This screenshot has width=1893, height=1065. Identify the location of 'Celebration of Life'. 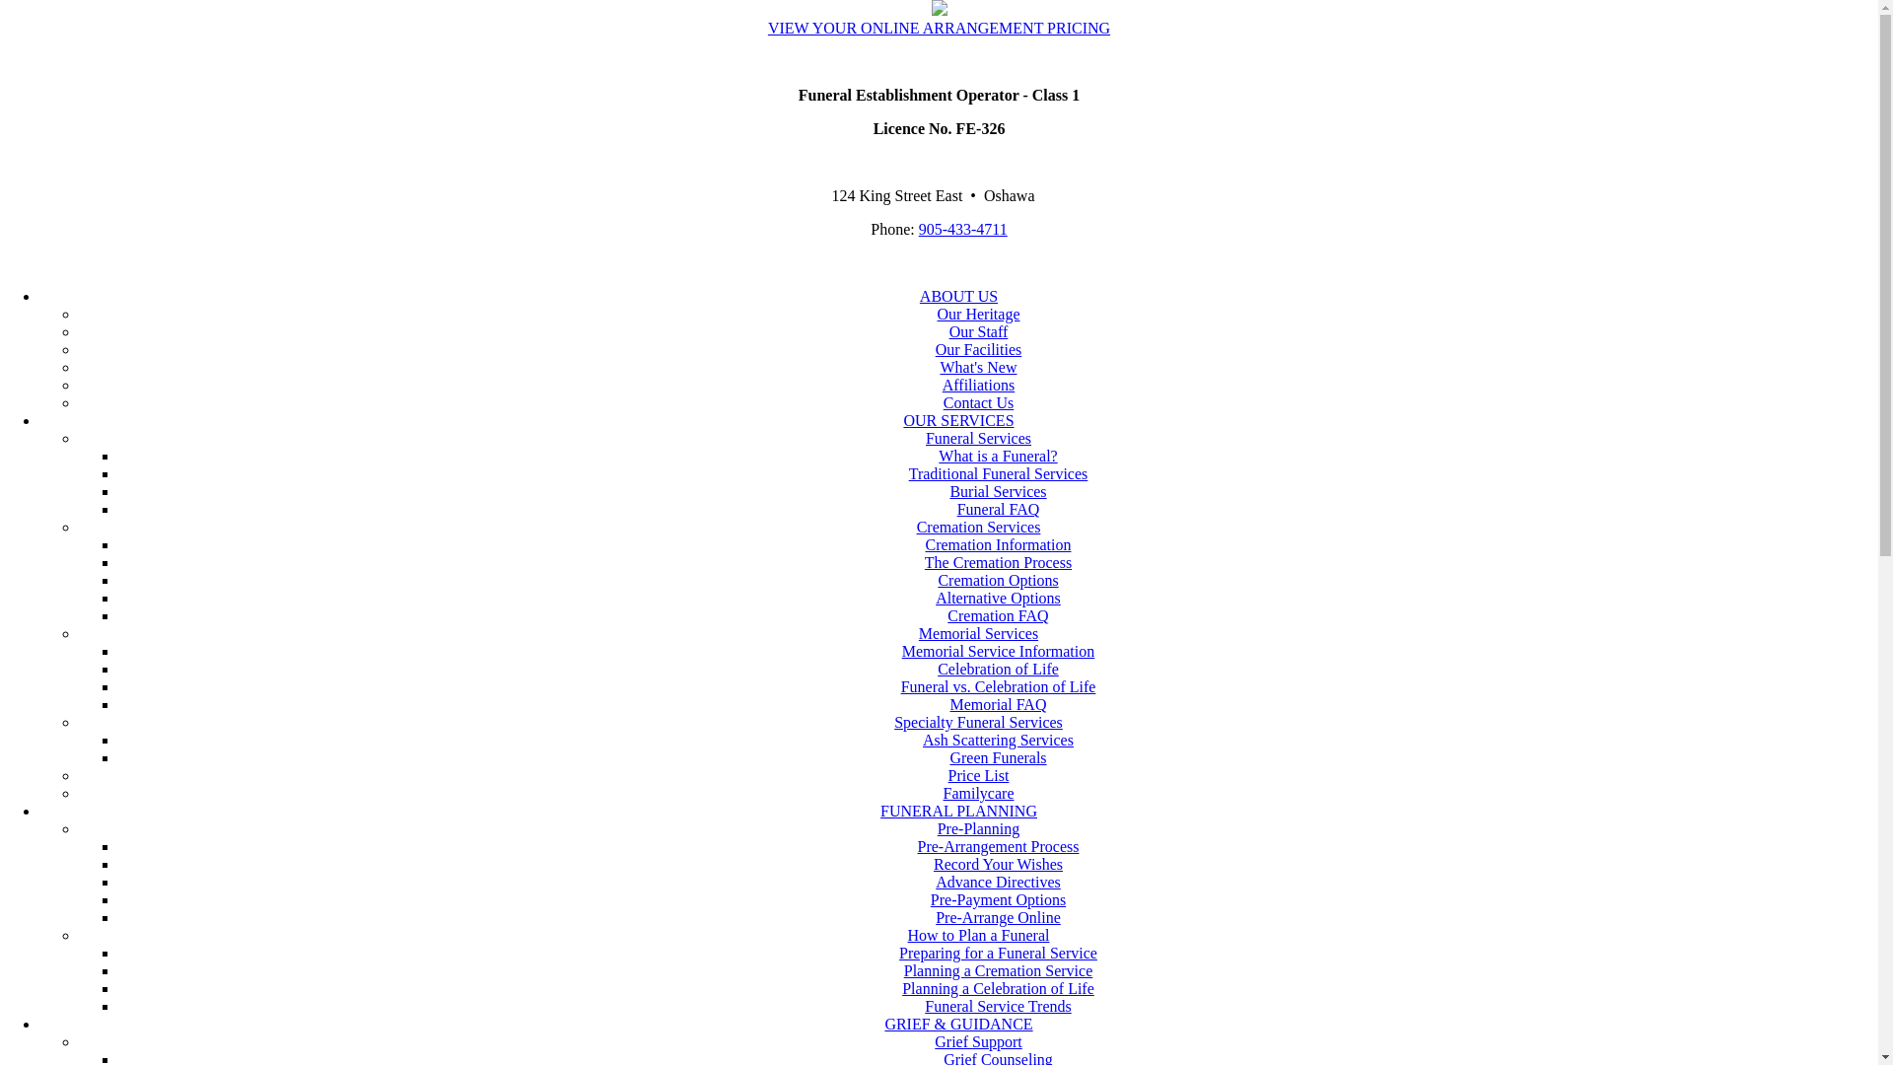
(936, 668).